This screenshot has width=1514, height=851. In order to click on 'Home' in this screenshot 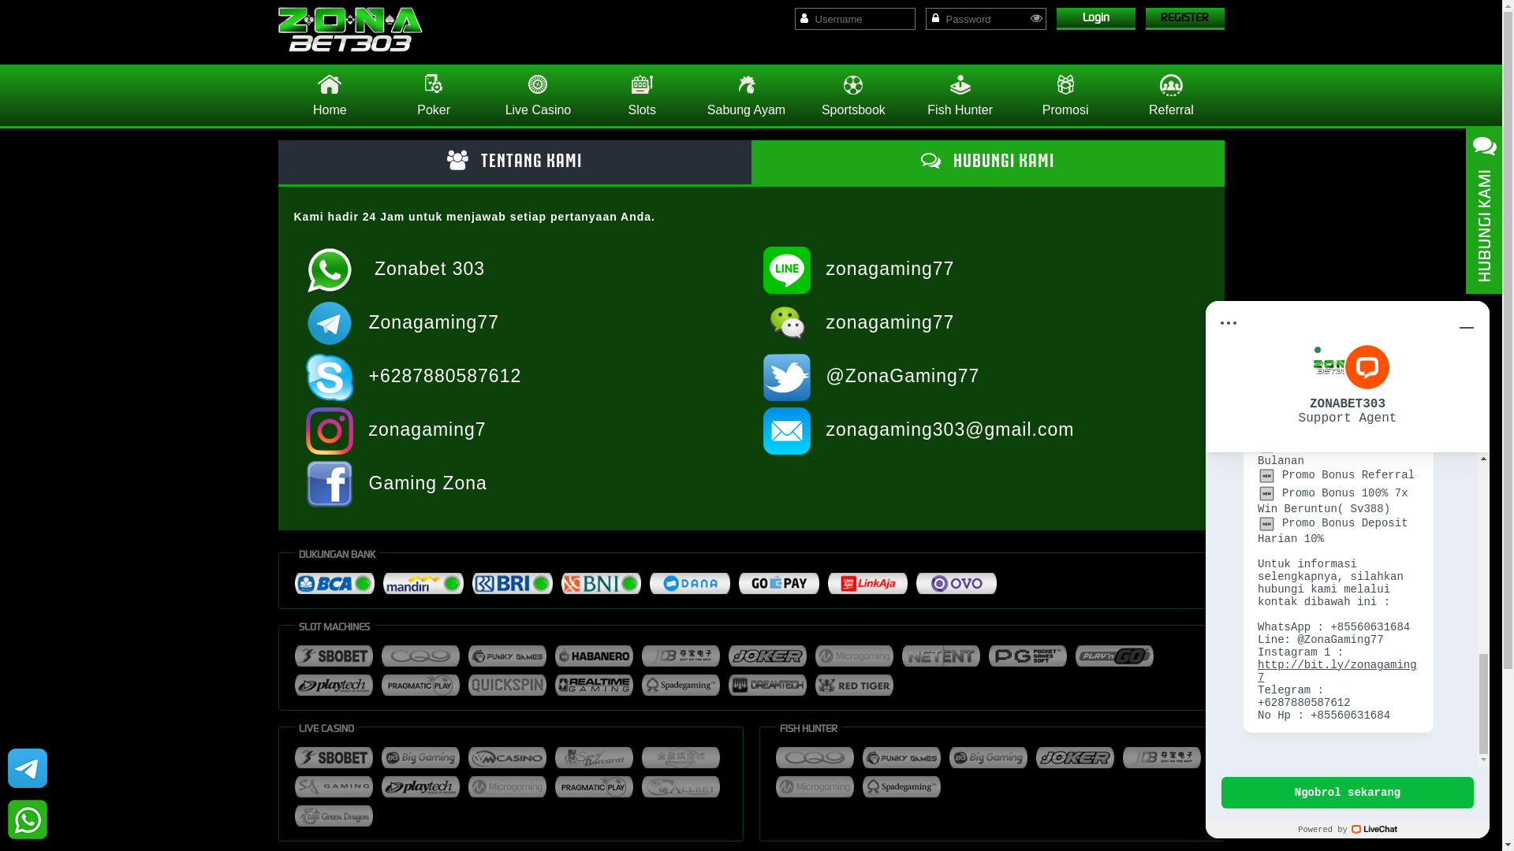, I will do `click(328, 95)`.